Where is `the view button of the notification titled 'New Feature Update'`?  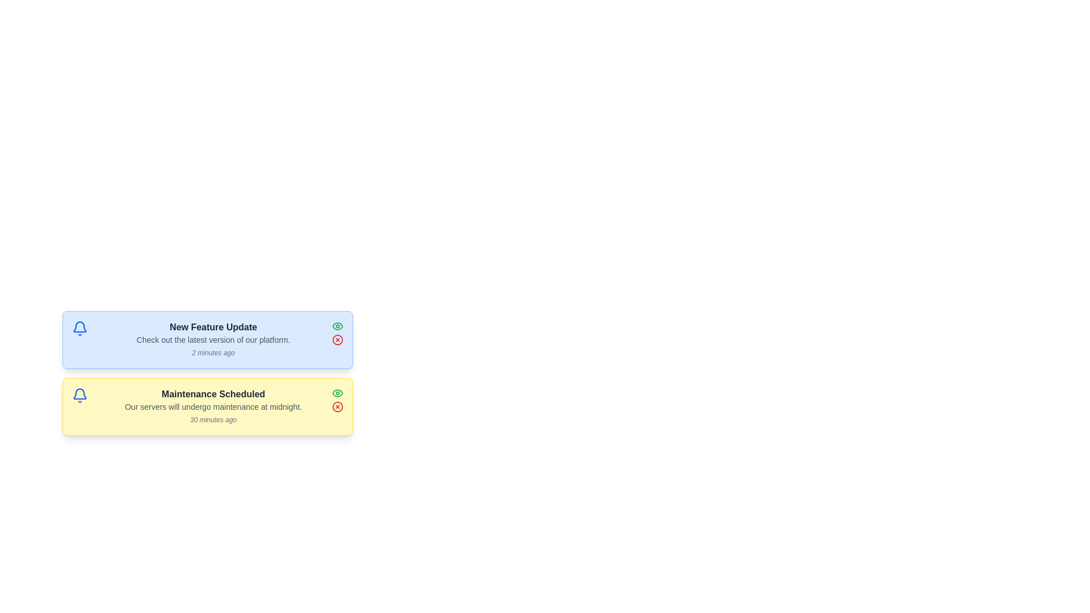
the view button of the notification titled 'New Feature Update' is located at coordinates (337, 326).